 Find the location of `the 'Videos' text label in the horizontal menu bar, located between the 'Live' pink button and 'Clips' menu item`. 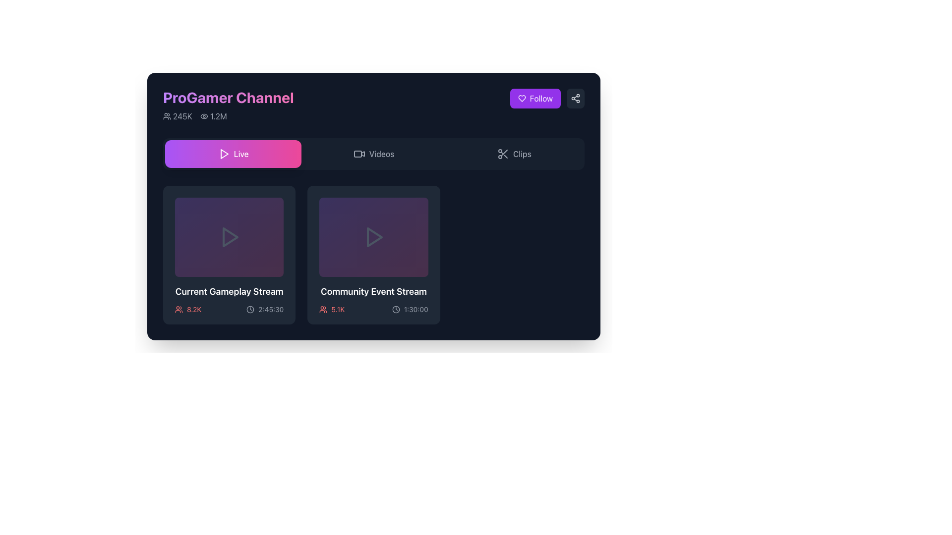

the 'Videos' text label in the horizontal menu bar, located between the 'Live' pink button and 'Clips' menu item is located at coordinates (381, 154).